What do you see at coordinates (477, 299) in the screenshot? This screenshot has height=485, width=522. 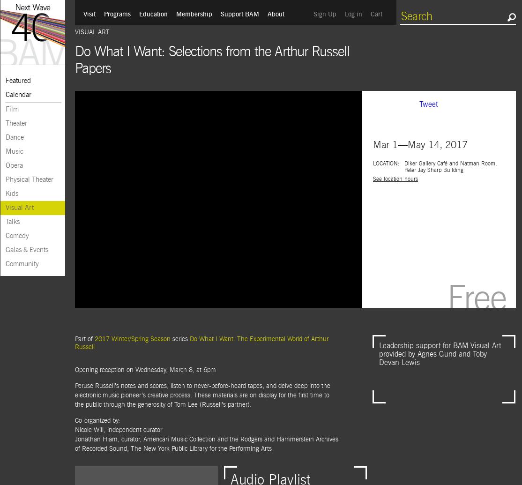 I see `'Free'` at bounding box center [477, 299].